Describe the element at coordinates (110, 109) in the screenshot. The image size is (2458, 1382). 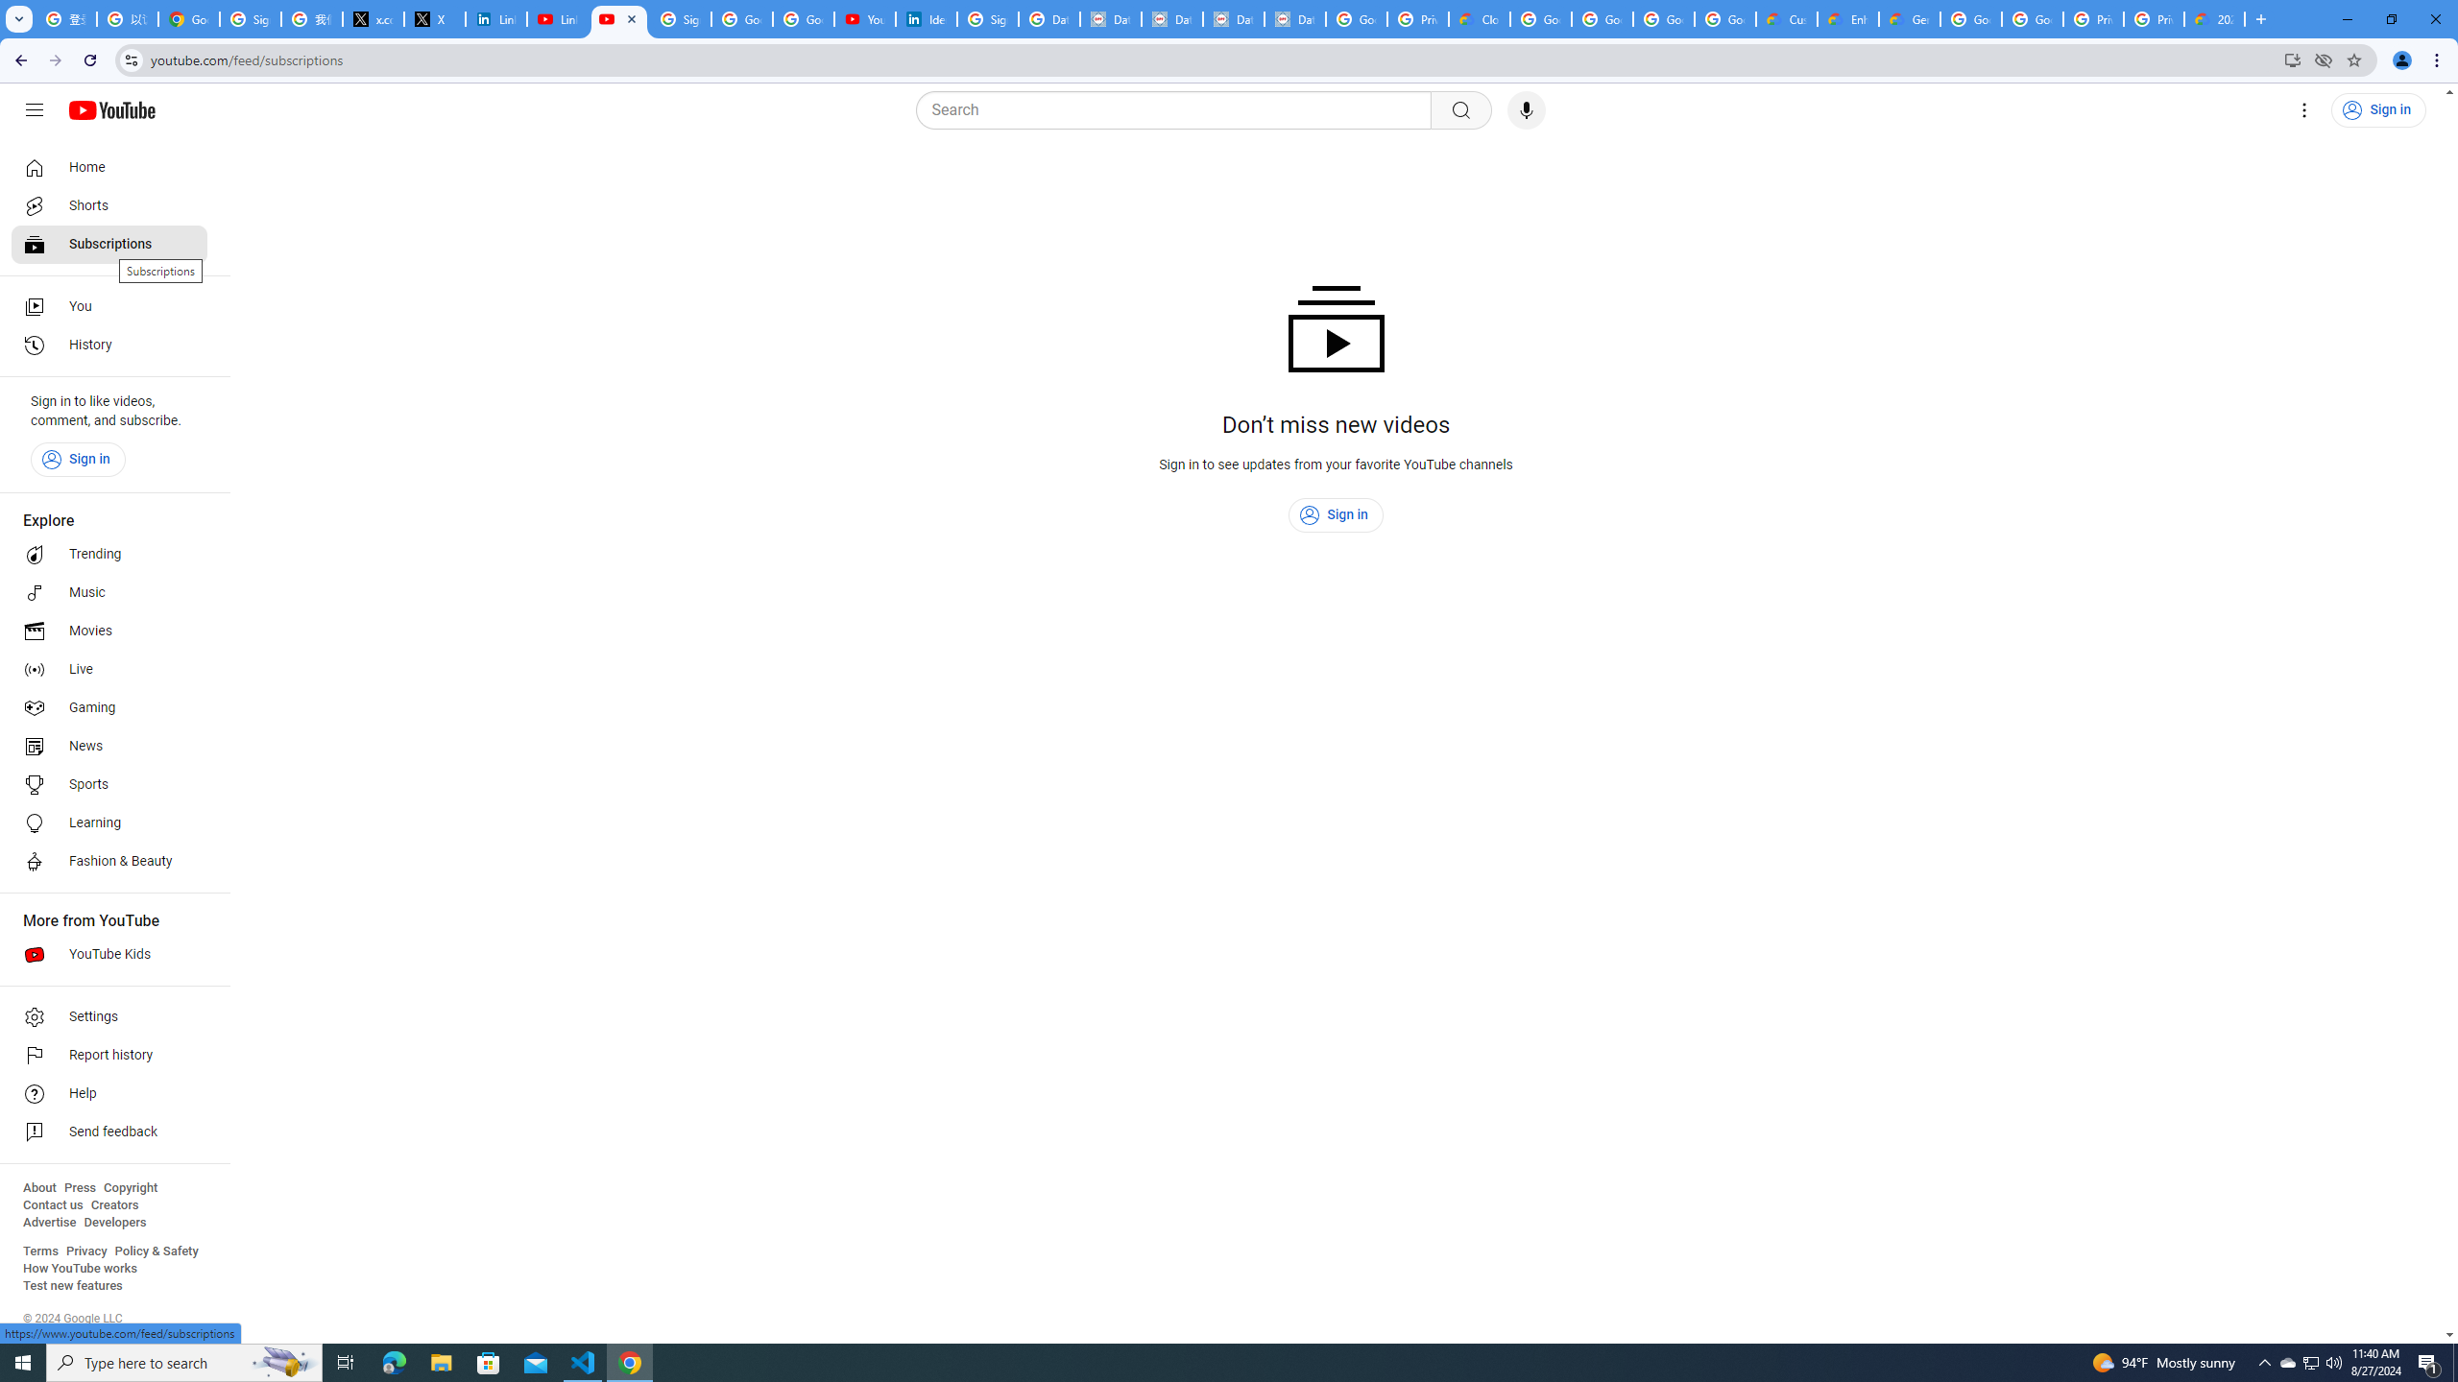
I see `'YouTube Home'` at that location.